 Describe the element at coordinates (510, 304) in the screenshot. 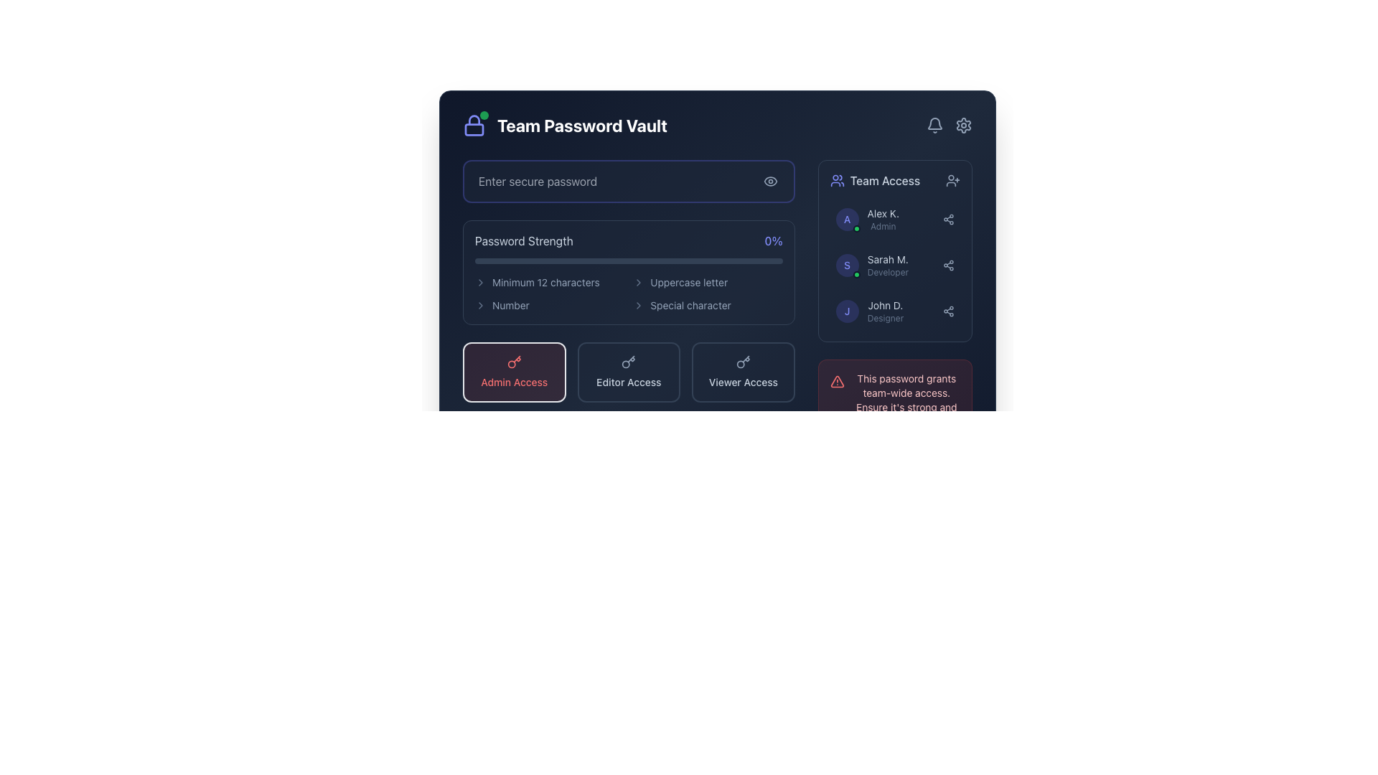

I see `the static text label indicating password strength requirements, located in the 'Password Strength' section beside a chevron icon` at that location.